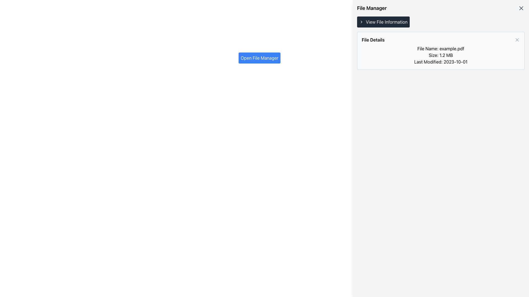 The image size is (529, 297). I want to click on the button in the right-side panel under the 'File Manager' header, so click(383, 22).